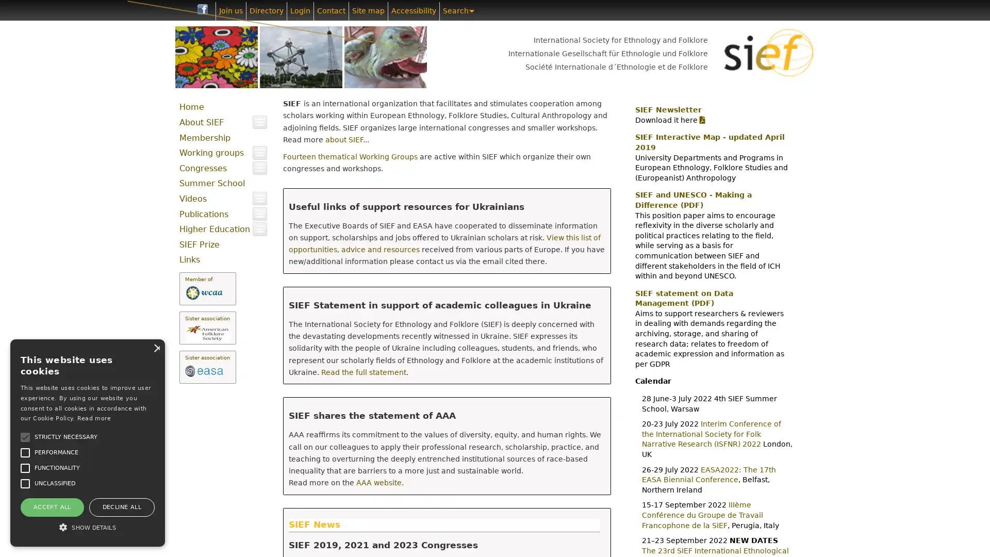  What do you see at coordinates (155, 348) in the screenshot?
I see `Close` at bounding box center [155, 348].